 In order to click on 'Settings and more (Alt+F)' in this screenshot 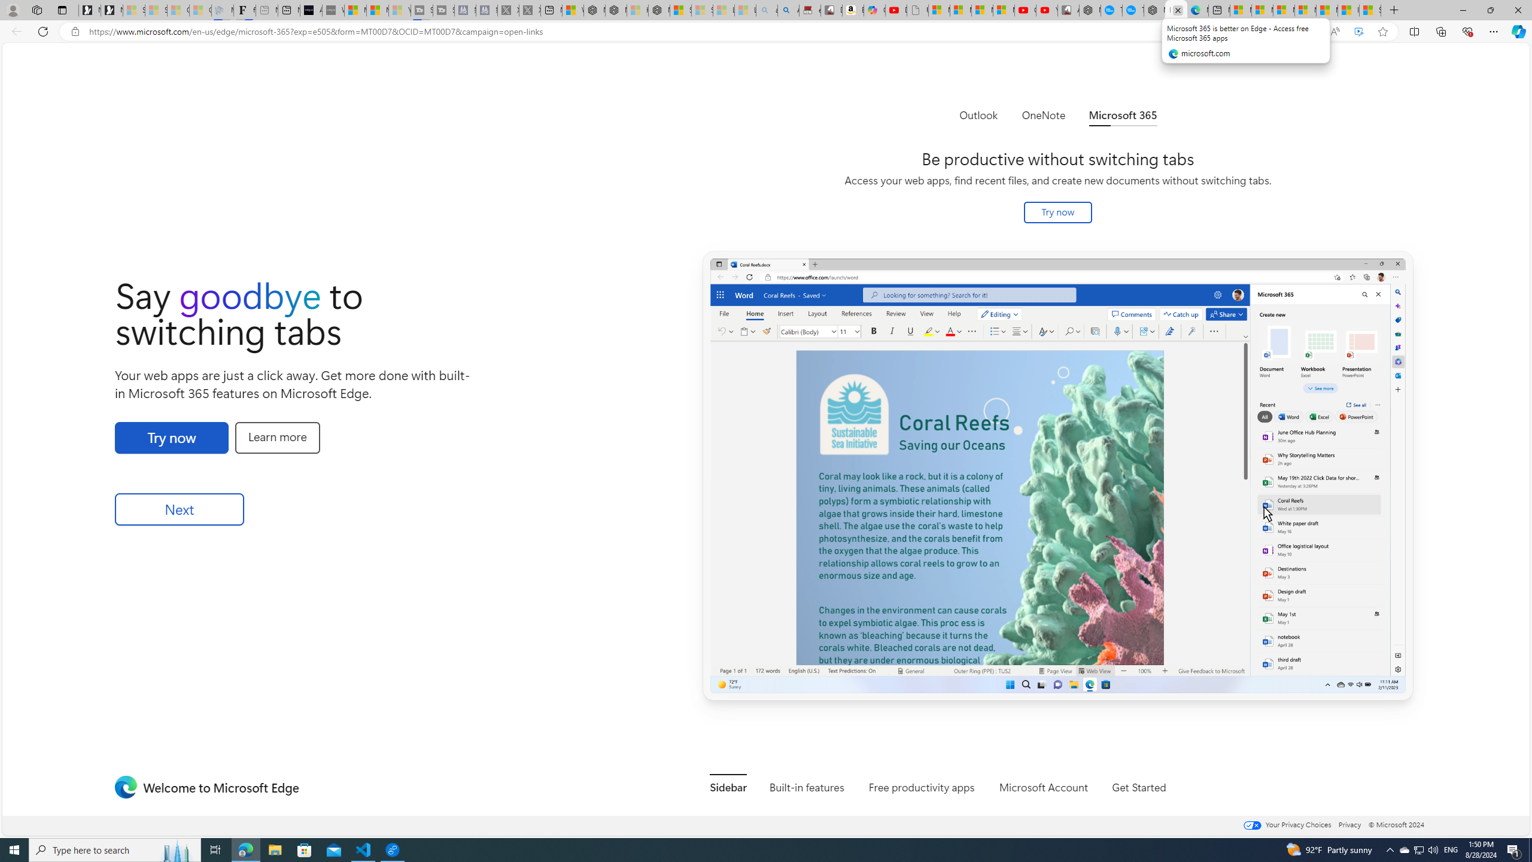, I will do `click(1493, 31)`.